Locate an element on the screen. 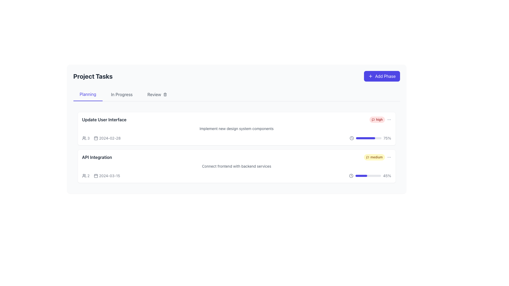  the icon representing a menu or options, located near the word 'medium' in the second row of the project tasks list is located at coordinates (389, 157).